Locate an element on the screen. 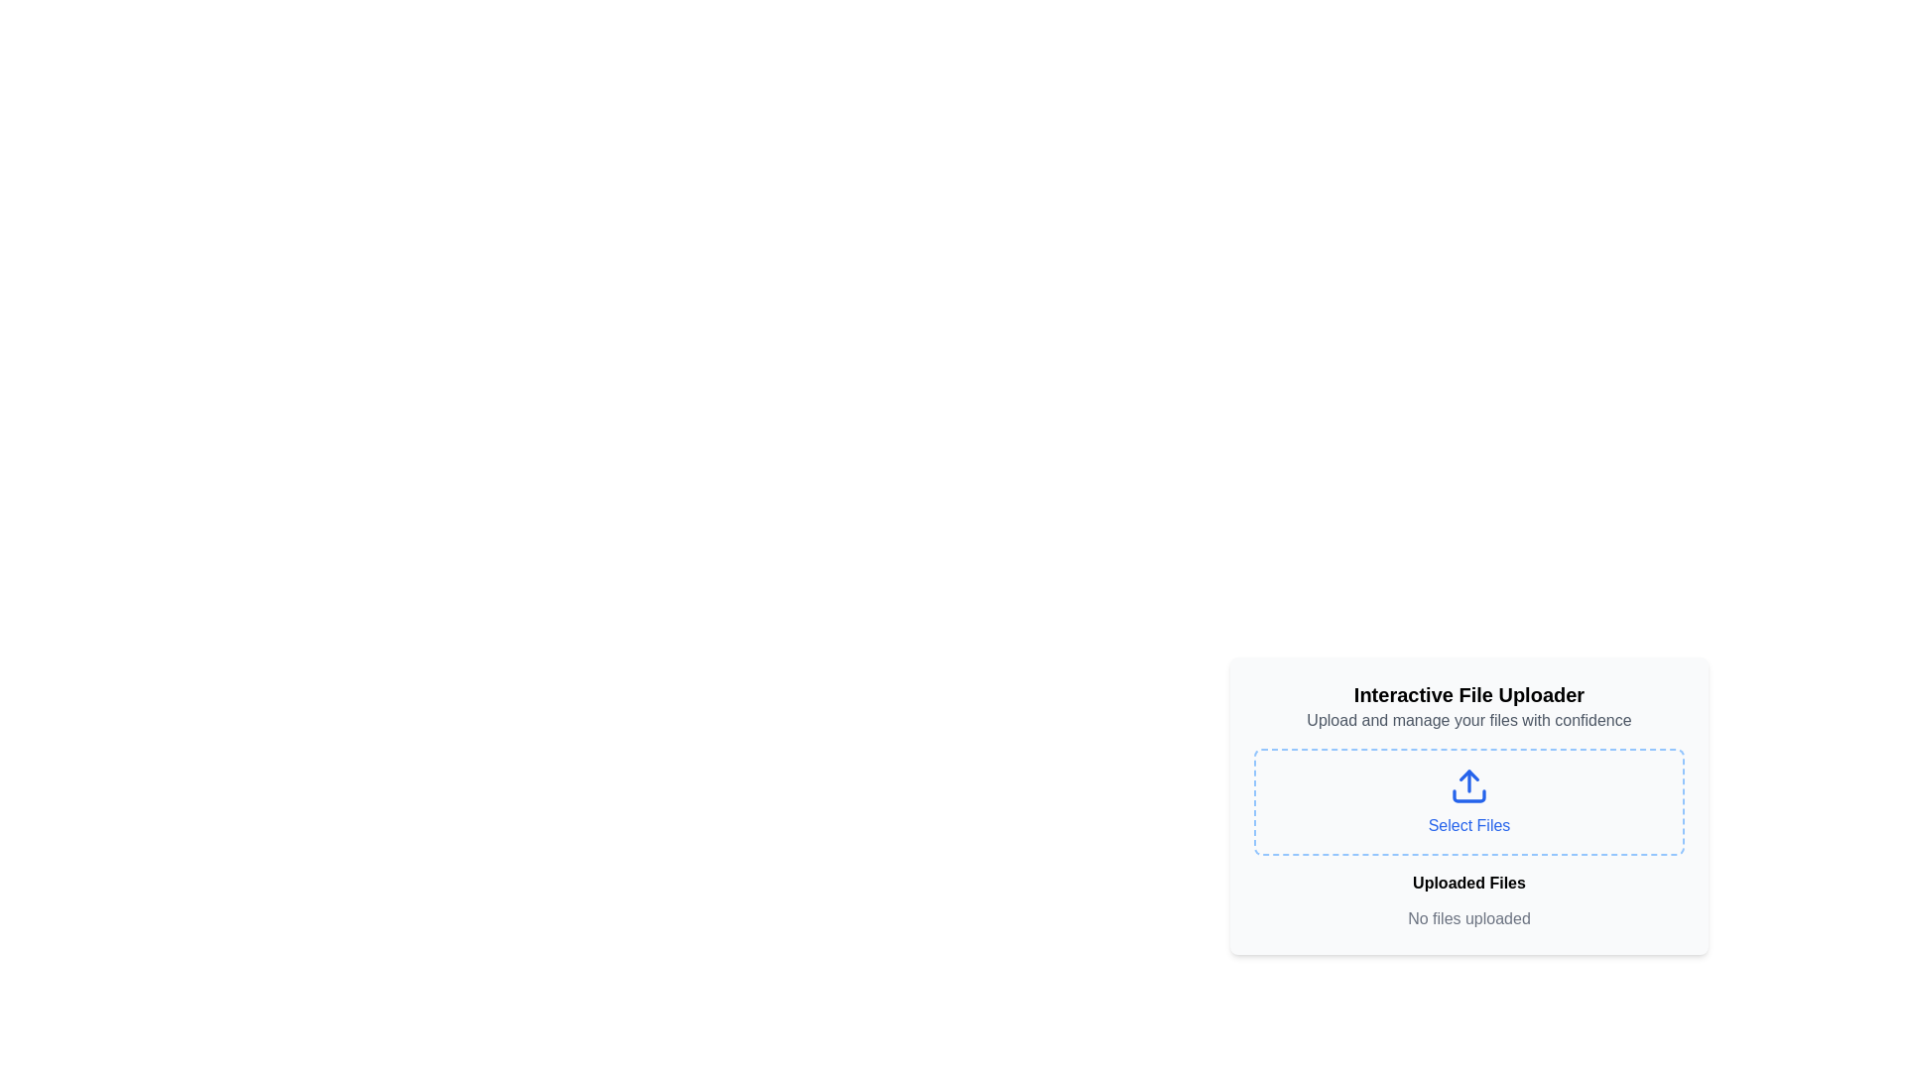 This screenshot has width=1905, height=1071. the clickable text link labeled 'Select Files' with an adjacent upload icon by navigating is located at coordinates (1469, 798).